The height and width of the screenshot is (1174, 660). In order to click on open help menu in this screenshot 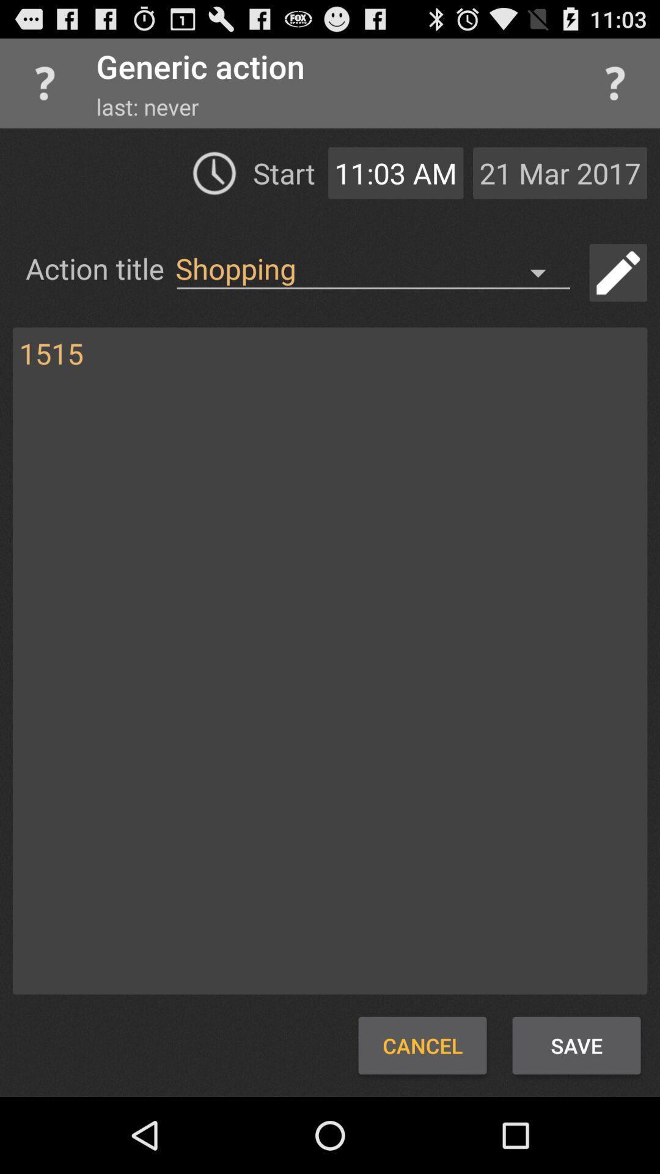, I will do `click(615, 83)`.